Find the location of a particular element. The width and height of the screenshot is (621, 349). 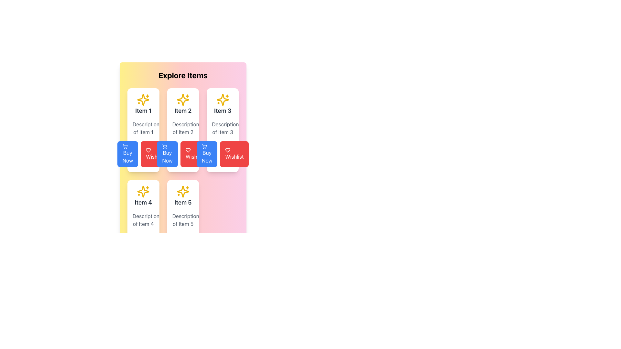

the shopping cart icon that is part of the 'Buy Now' button, located in the top row and second column of the grid layout is located at coordinates (125, 146).